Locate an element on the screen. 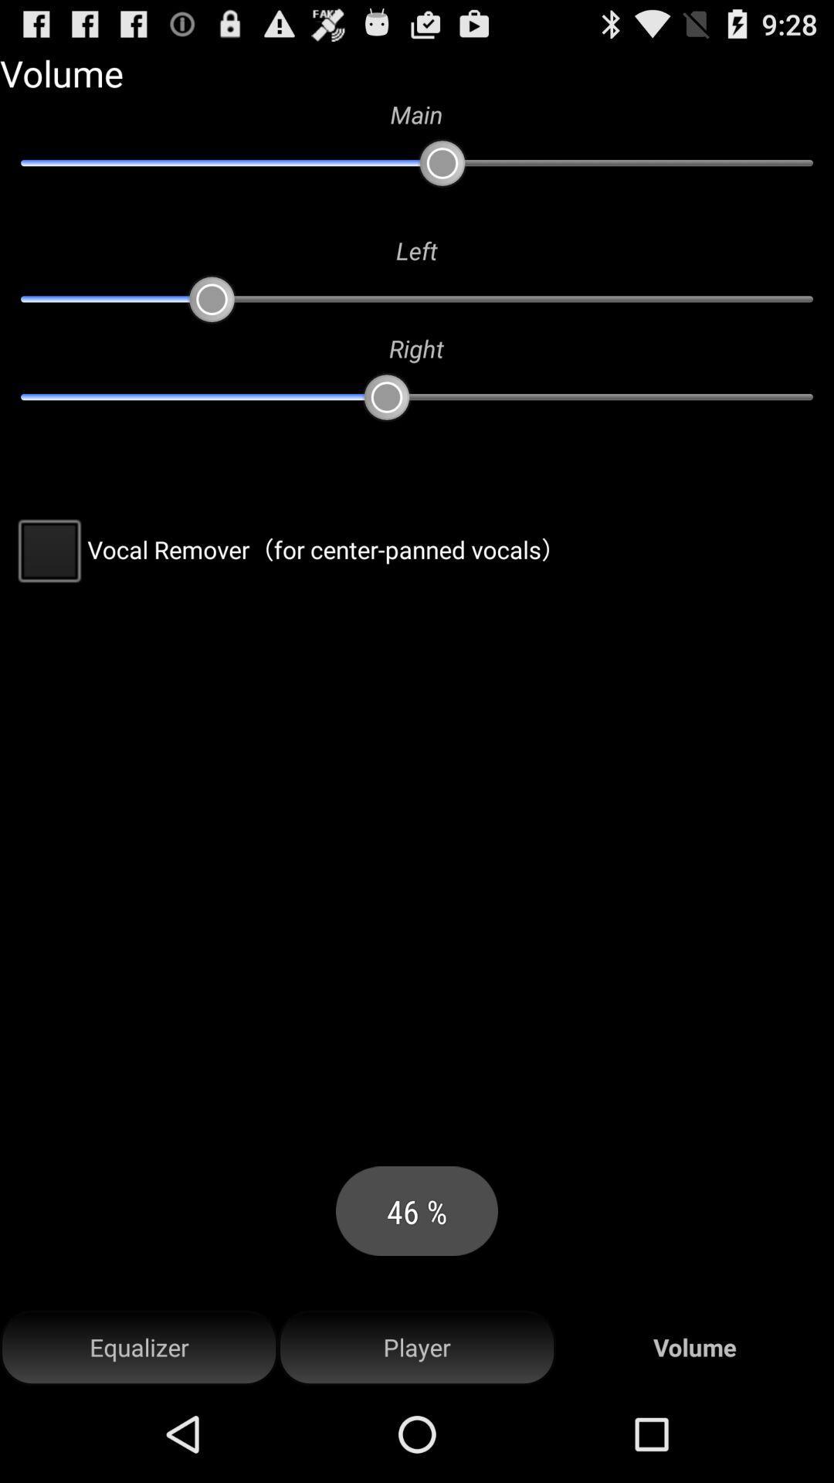  the item next to volume icon is located at coordinates (417, 1347).